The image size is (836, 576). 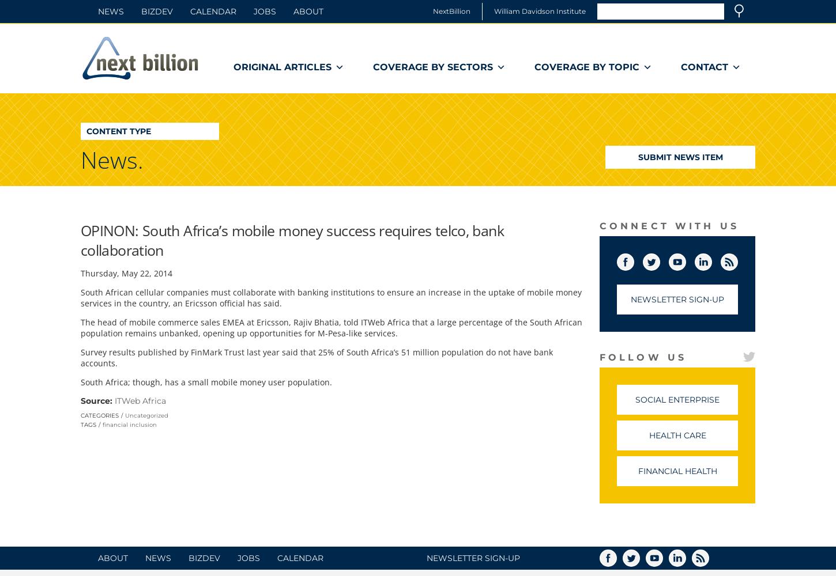 What do you see at coordinates (702, 259) in the screenshot?
I see `'YouTube'` at bounding box center [702, 259].